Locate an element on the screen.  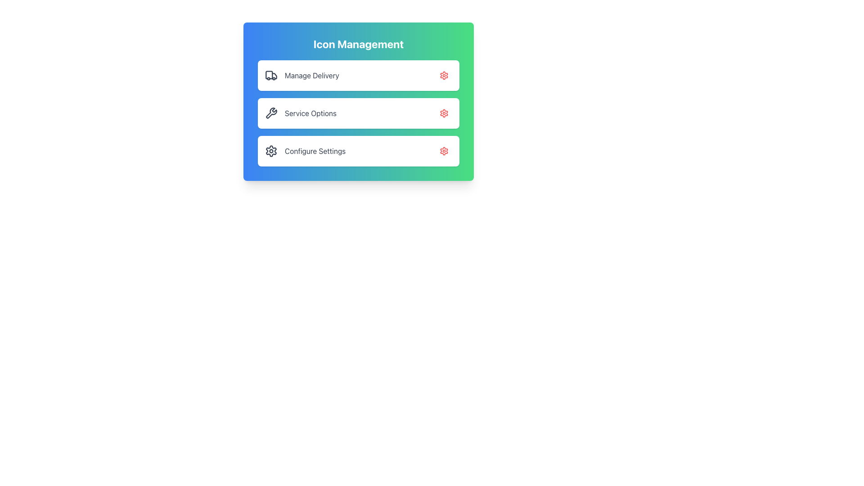
the circular cogwheel icon with a gray fill is located at coordinates (271, 150).